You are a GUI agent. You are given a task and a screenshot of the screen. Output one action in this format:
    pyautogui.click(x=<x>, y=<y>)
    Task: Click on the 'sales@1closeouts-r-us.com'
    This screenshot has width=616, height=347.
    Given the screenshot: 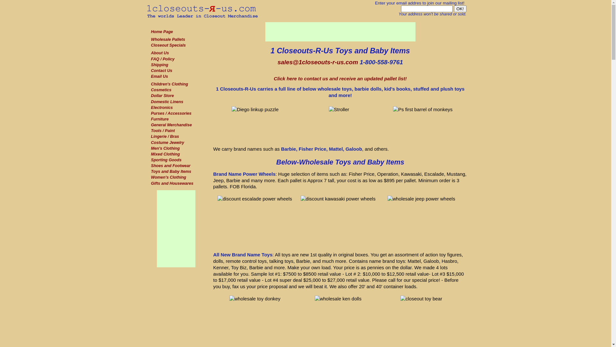 What is the action you would take?
    pyautogui.click(x=318, y=62)
    